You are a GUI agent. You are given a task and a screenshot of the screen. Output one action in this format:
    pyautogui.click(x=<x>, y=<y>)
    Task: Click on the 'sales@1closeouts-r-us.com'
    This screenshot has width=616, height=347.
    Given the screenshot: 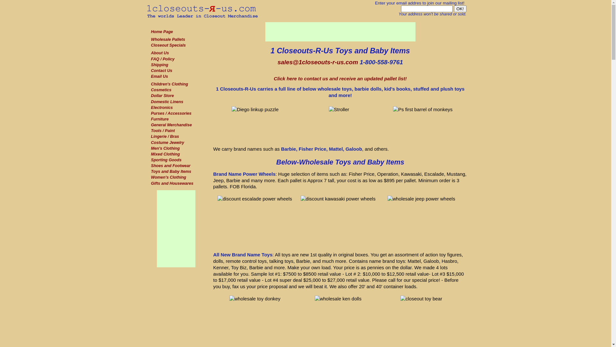 What is the action you would take?
    pyautogui.click(x=318, y=62)
    